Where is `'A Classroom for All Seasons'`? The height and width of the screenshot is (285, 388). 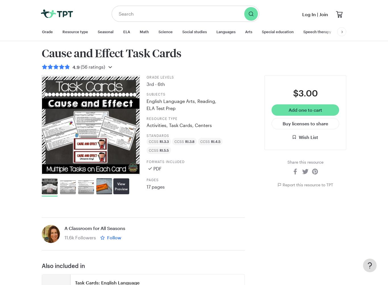 'A Classroom for All Seasons' is located at coordinates (95, 228).